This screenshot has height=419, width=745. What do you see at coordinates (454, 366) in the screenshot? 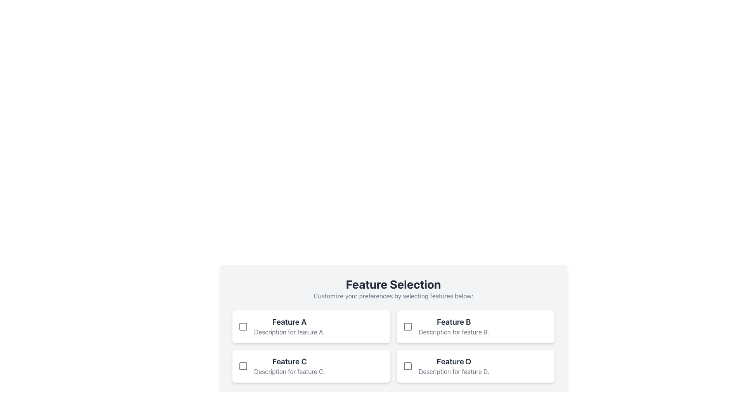
I see `the text label displaying 'Feature D' with a description 'Description for feature D.' in the bottom right of the 'Feature Selection' grid` at bounding box center [454, 366].